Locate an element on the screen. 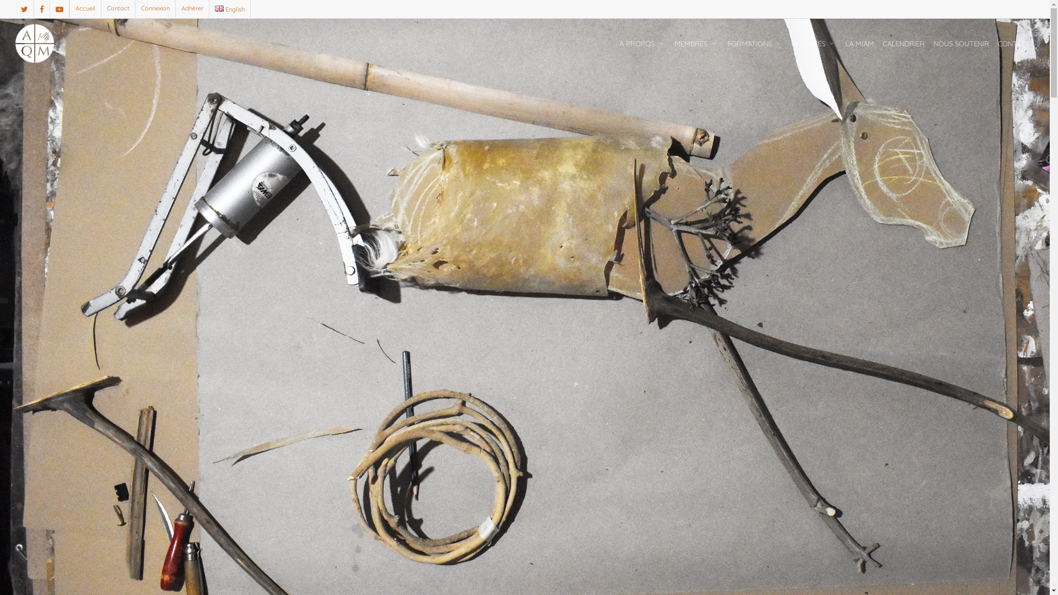  'CALENDRIER' is located at coordinates (904, 43).